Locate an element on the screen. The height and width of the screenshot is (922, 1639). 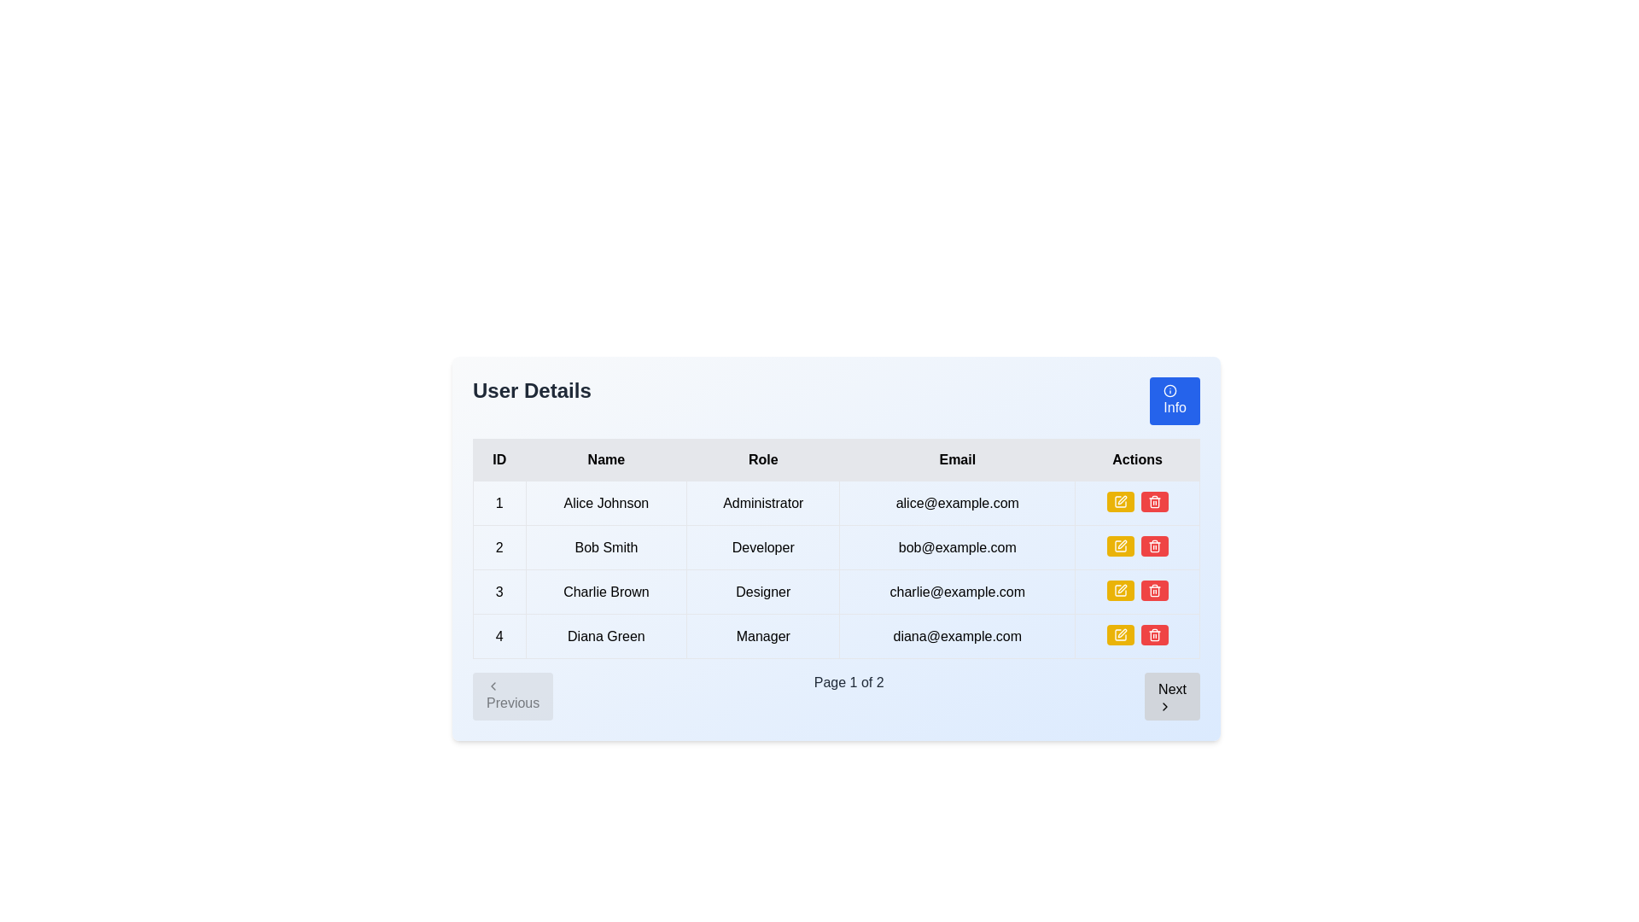
the red rounded rectangle button with a trash bin icon located in the 'Actions' column of the fourth row in the user detail table is located at coordinates (1154, 635).